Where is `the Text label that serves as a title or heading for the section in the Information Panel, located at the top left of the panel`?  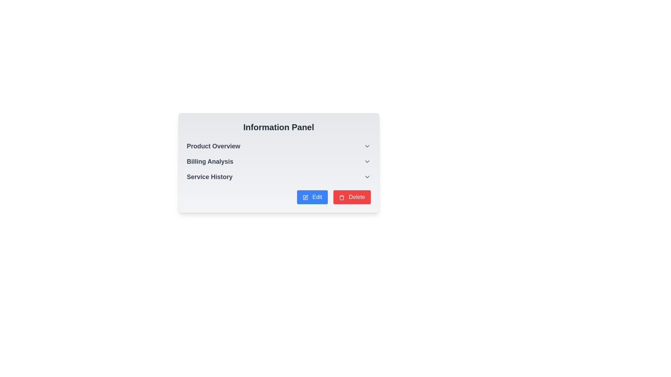
the Text label that serves as a title or heading for the section in the Information Panel, located at the top left of the panel is located at coordinates (213, 146).